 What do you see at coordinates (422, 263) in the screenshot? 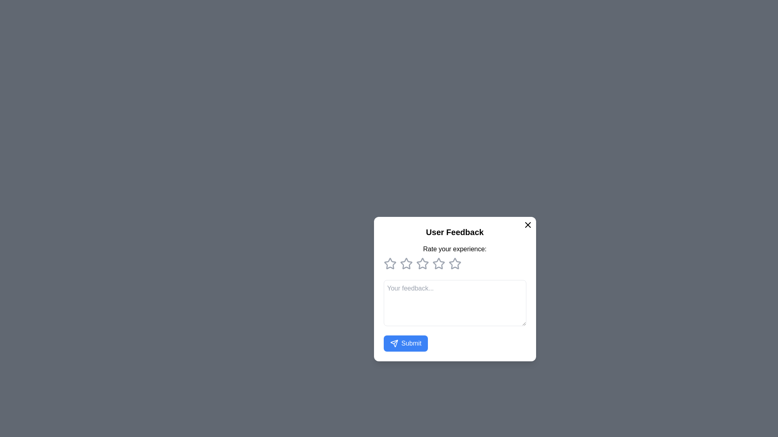
I see `to select the second star icon in the horizontal sequence of five stars representing a rating option, located below the heading 'Rate your experience.'` at bounding box center [422, 263].